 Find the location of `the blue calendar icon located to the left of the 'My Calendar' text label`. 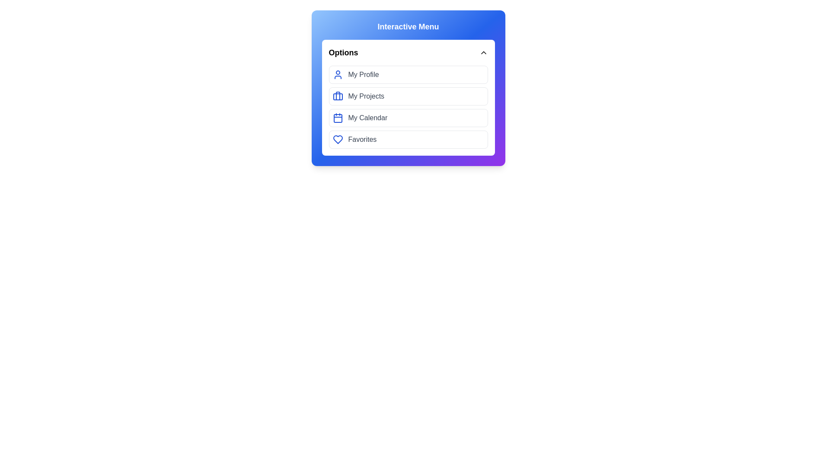

the blue calendar icon located to the left of the 'My Calendar' text label is located at coordinates (337, 118).